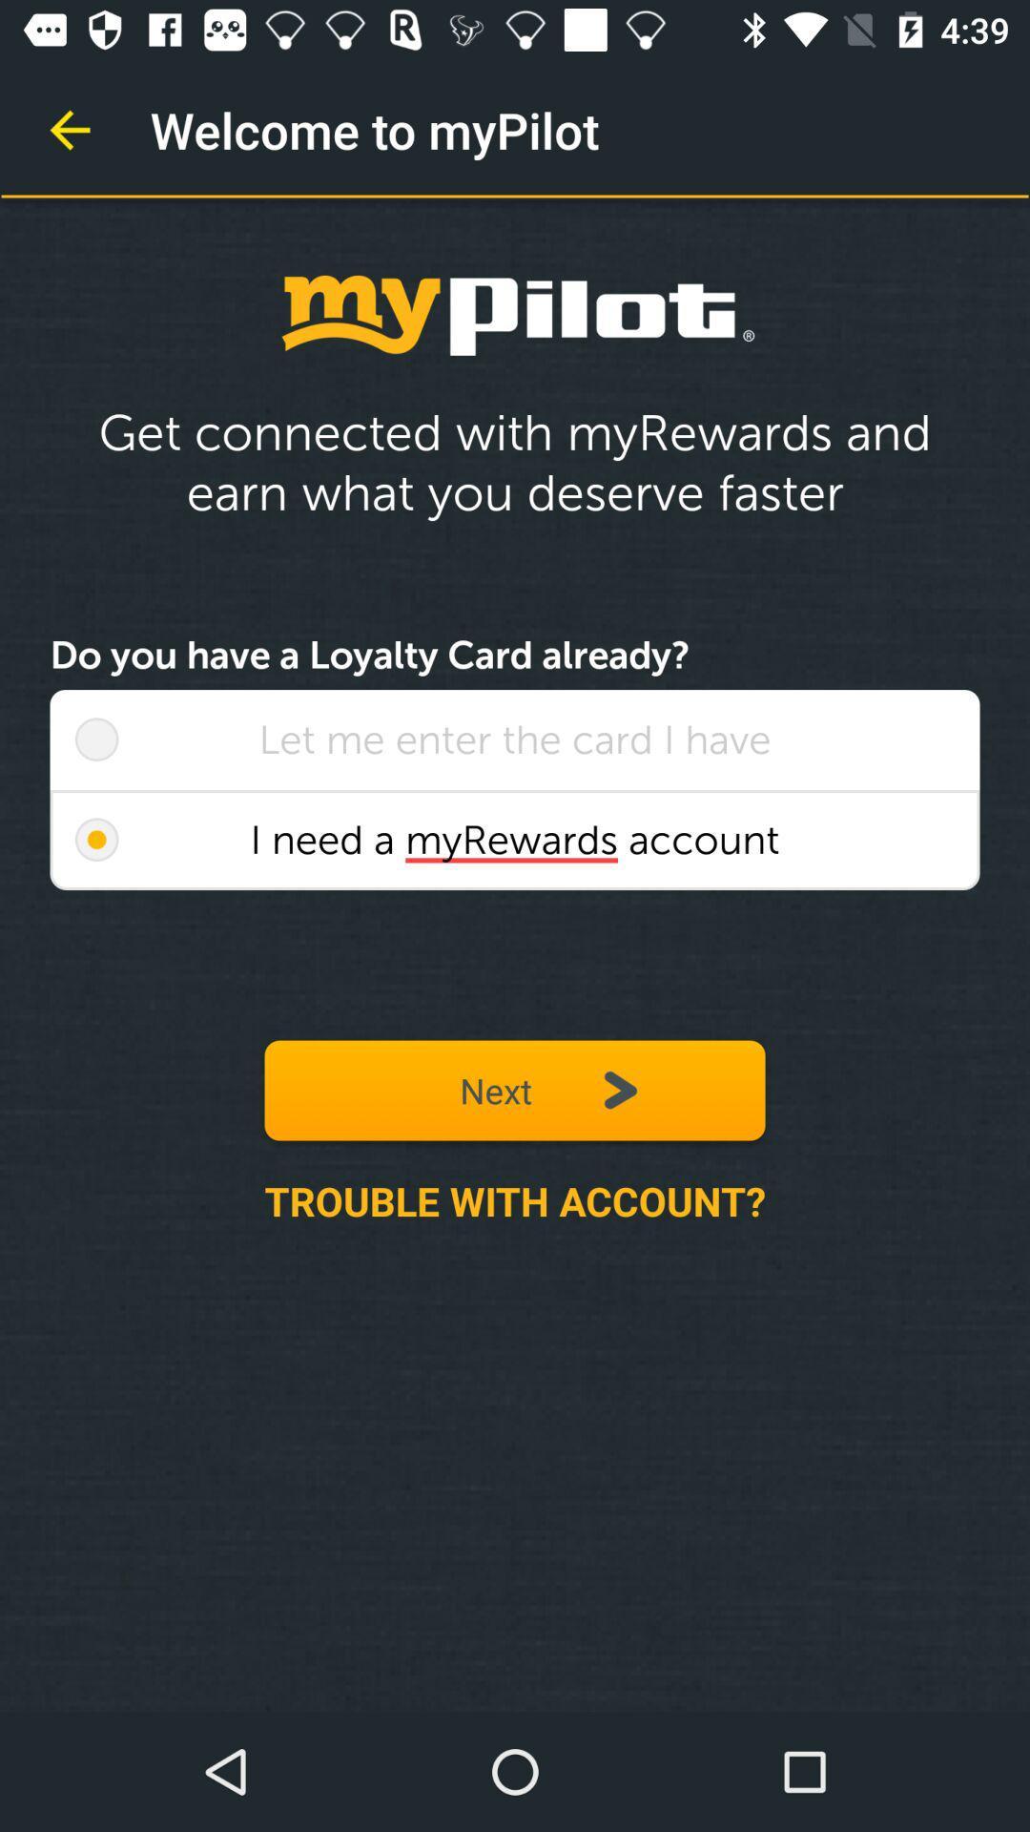  I want to click on trouble with account? item, so click(515, 1199).